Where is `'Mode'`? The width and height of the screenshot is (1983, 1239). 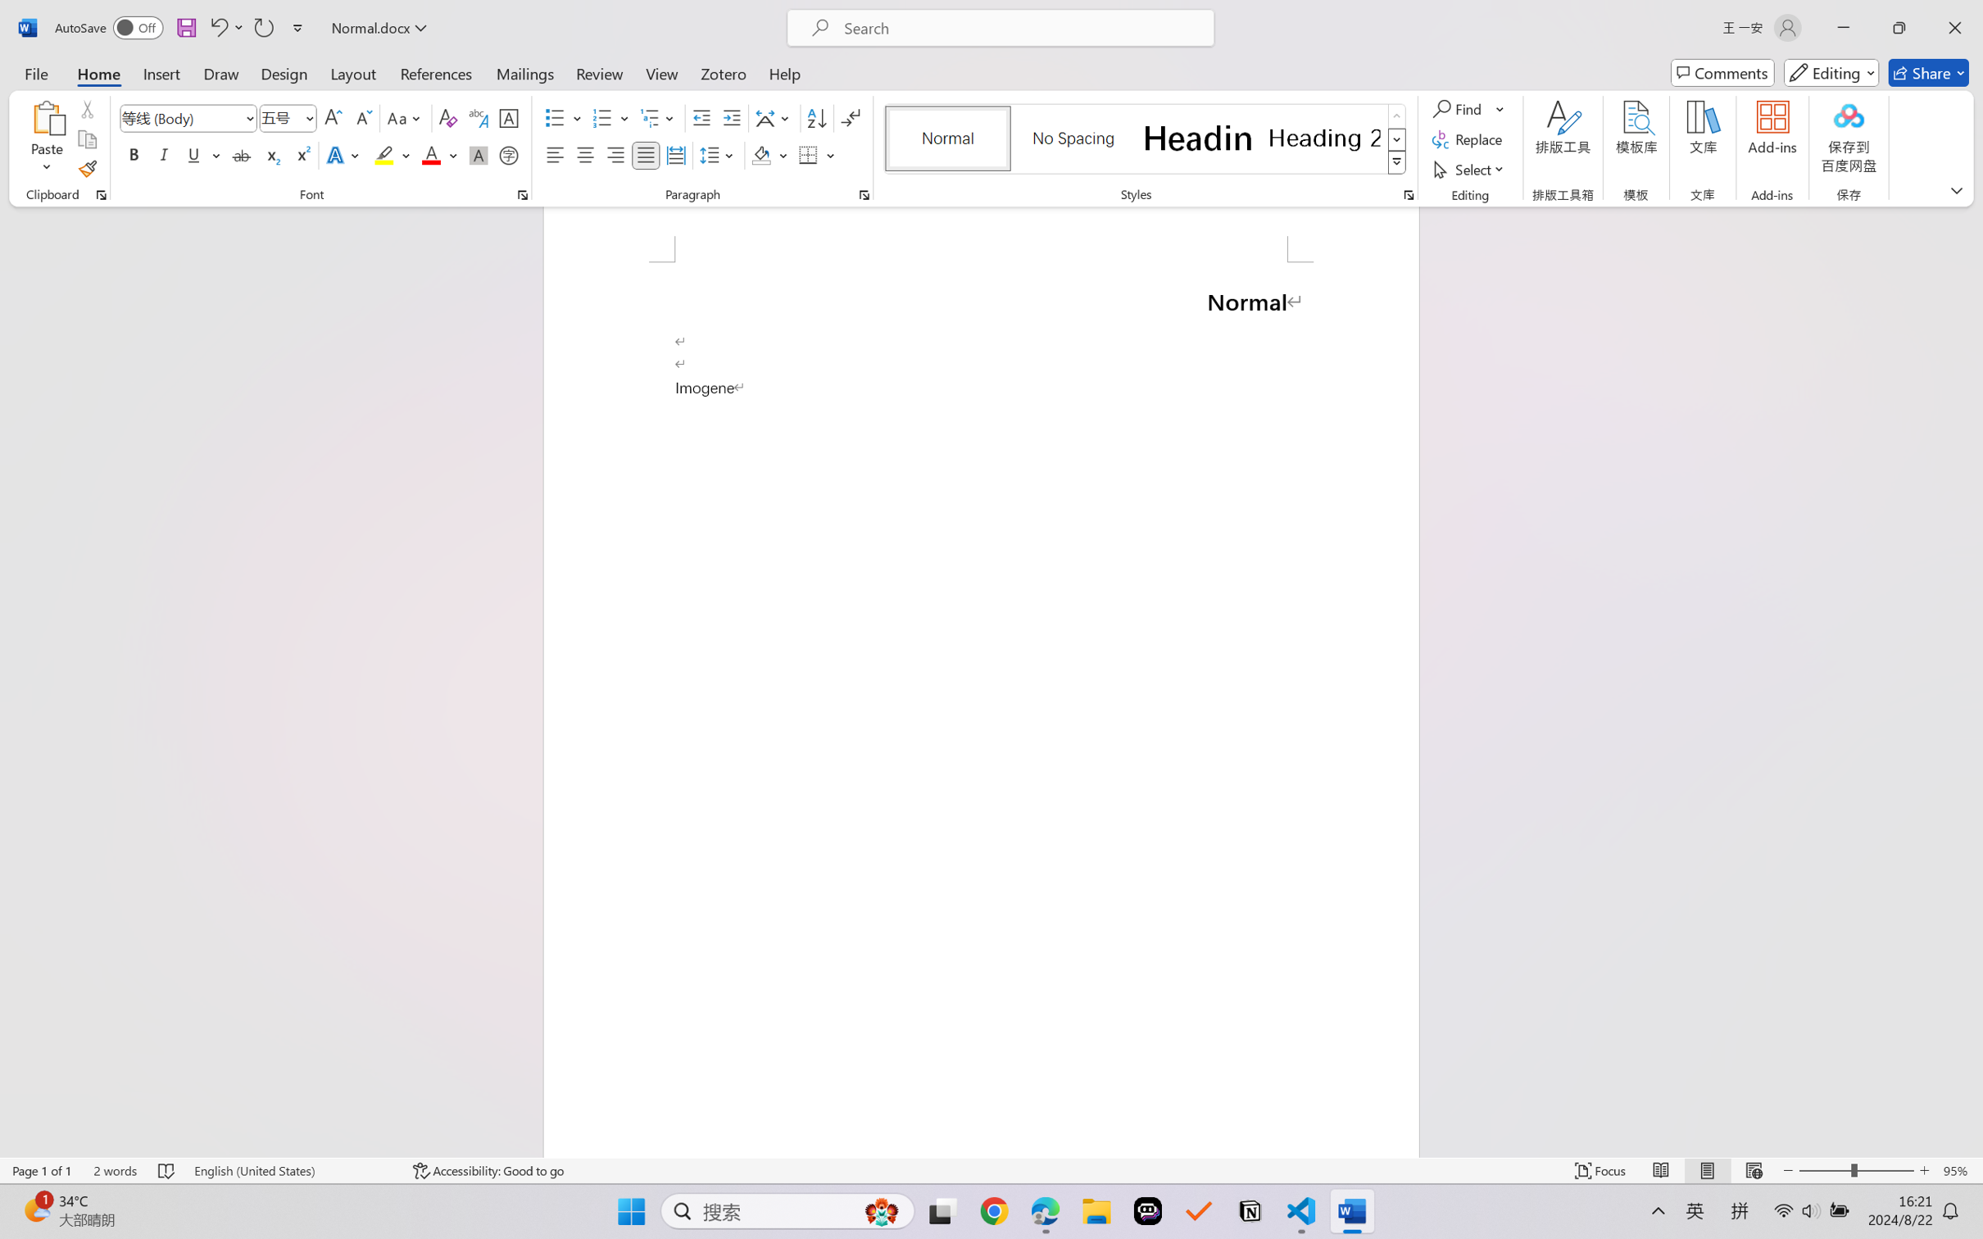
'Mode' is located at coordinates (1831, 72).